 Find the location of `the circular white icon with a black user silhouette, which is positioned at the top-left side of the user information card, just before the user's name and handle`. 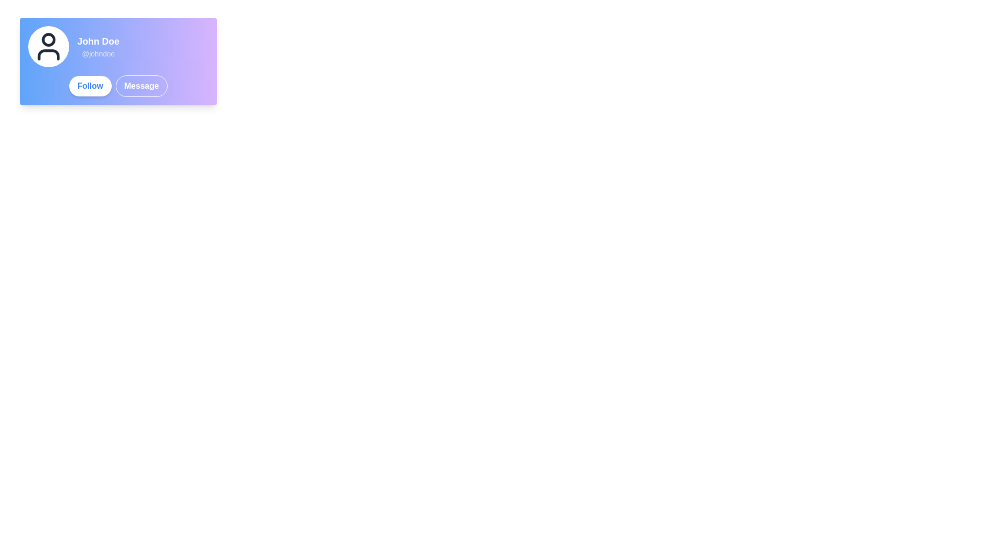

the circular white icon with a black user silhouette, which is positioned at the top-left side of the user information card, just before the user's name and handle is located at coordinates (48, 47).